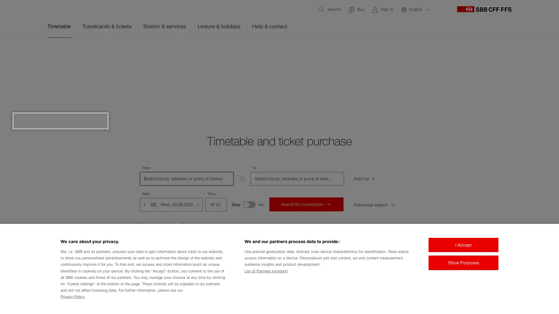 The height and width of the screenshot is (314, 559). What do you see at coordinates (145, 204) in the screenshot?
I see `Switch to the previous day` at bounding box center [145, 204].